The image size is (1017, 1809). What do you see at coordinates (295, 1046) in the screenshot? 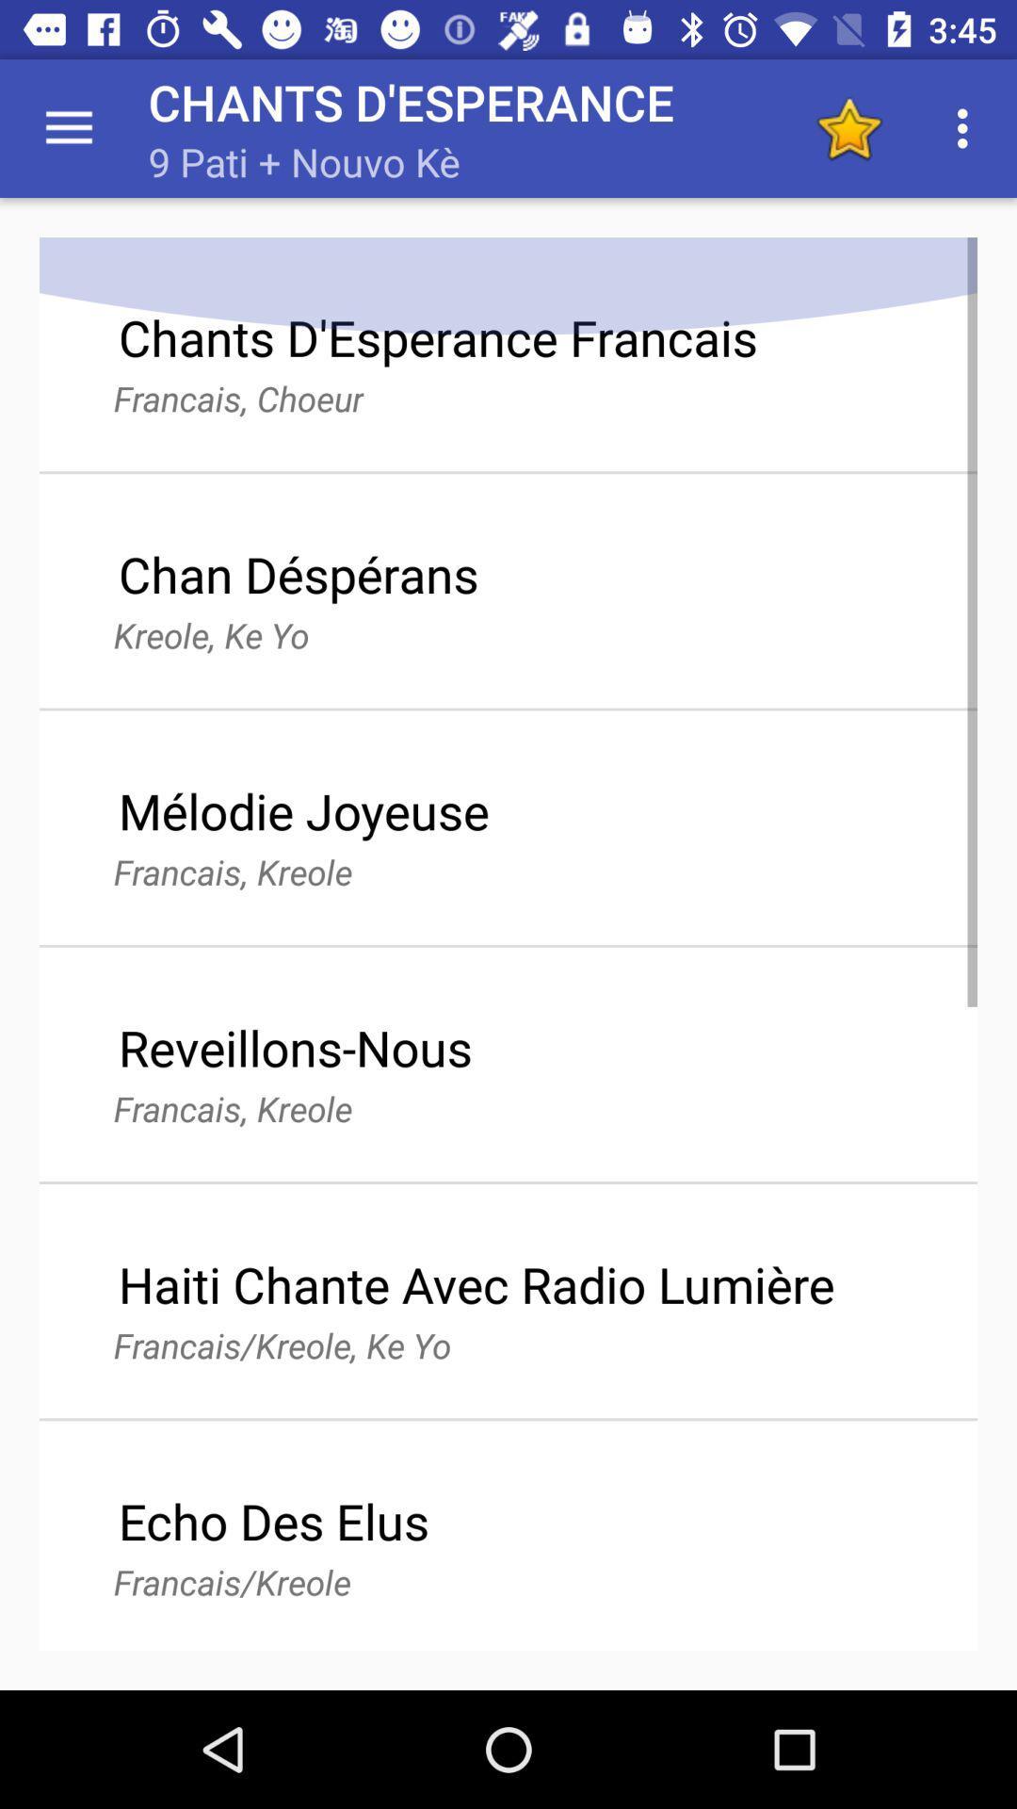
I see `item above the francais, kreole` at bounding box center [295, 1046].